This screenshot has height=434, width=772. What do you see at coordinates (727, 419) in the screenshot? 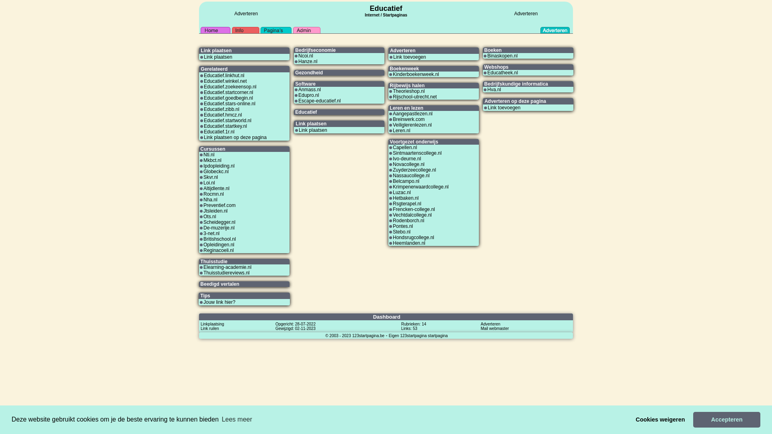
I see `'Accepteren'` at bounding box center [727, 419].